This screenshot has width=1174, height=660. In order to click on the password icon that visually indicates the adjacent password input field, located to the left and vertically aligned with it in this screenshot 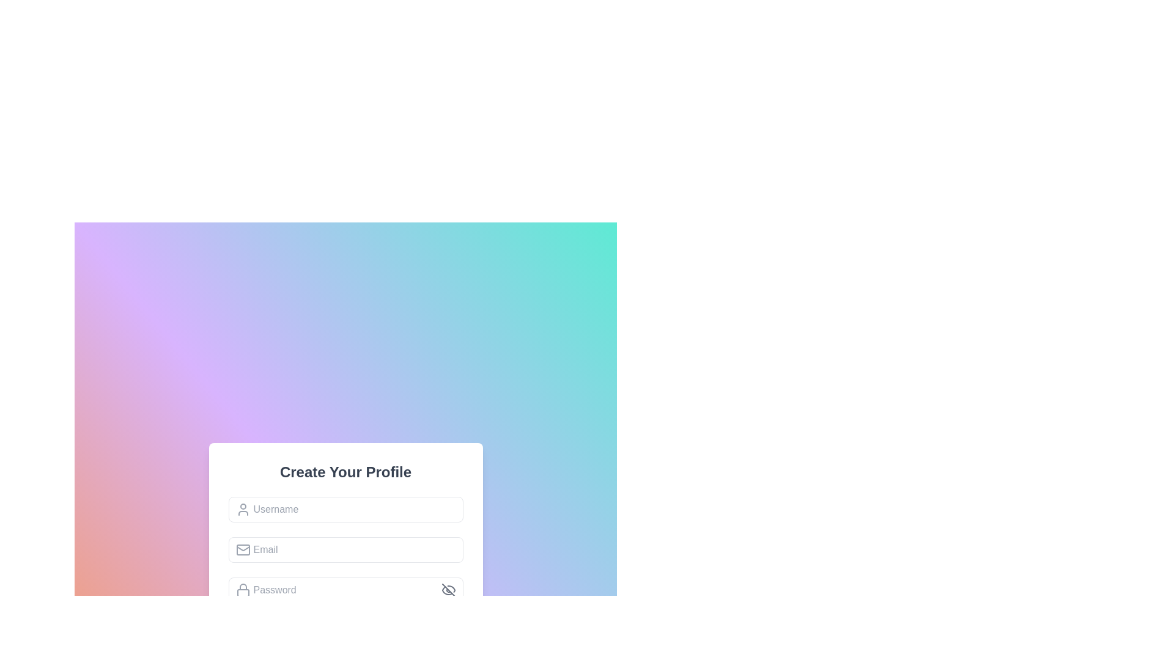, I will do `click(243, 589)`.